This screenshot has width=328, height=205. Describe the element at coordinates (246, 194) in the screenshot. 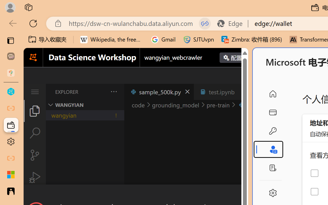

I see `'Close Dialog'` at that location.